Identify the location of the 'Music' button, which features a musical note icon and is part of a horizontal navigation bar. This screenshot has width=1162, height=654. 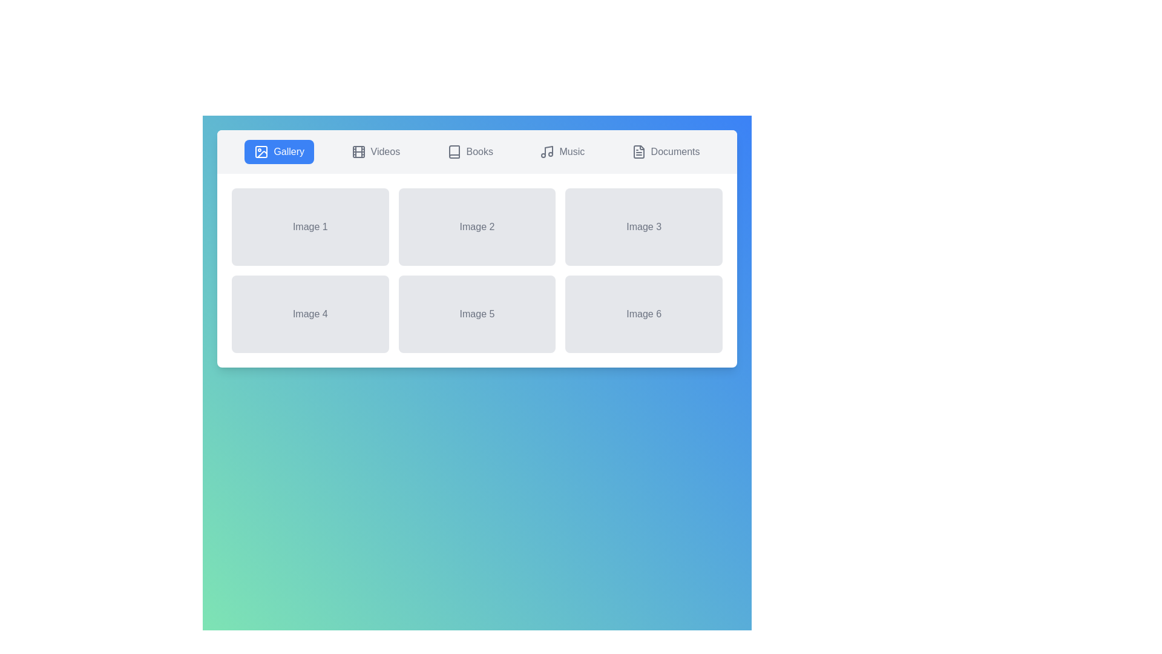
(562, 151).